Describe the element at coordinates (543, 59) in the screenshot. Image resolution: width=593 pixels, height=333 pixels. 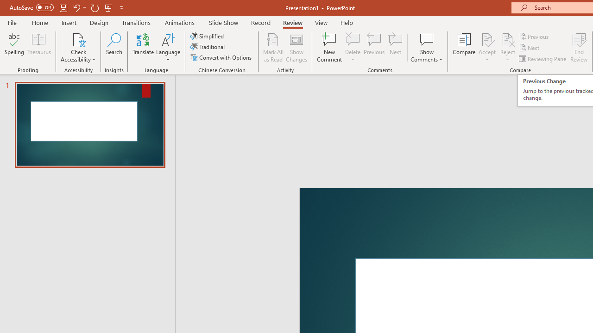
I see `'Reviewing Pane'` at that location.